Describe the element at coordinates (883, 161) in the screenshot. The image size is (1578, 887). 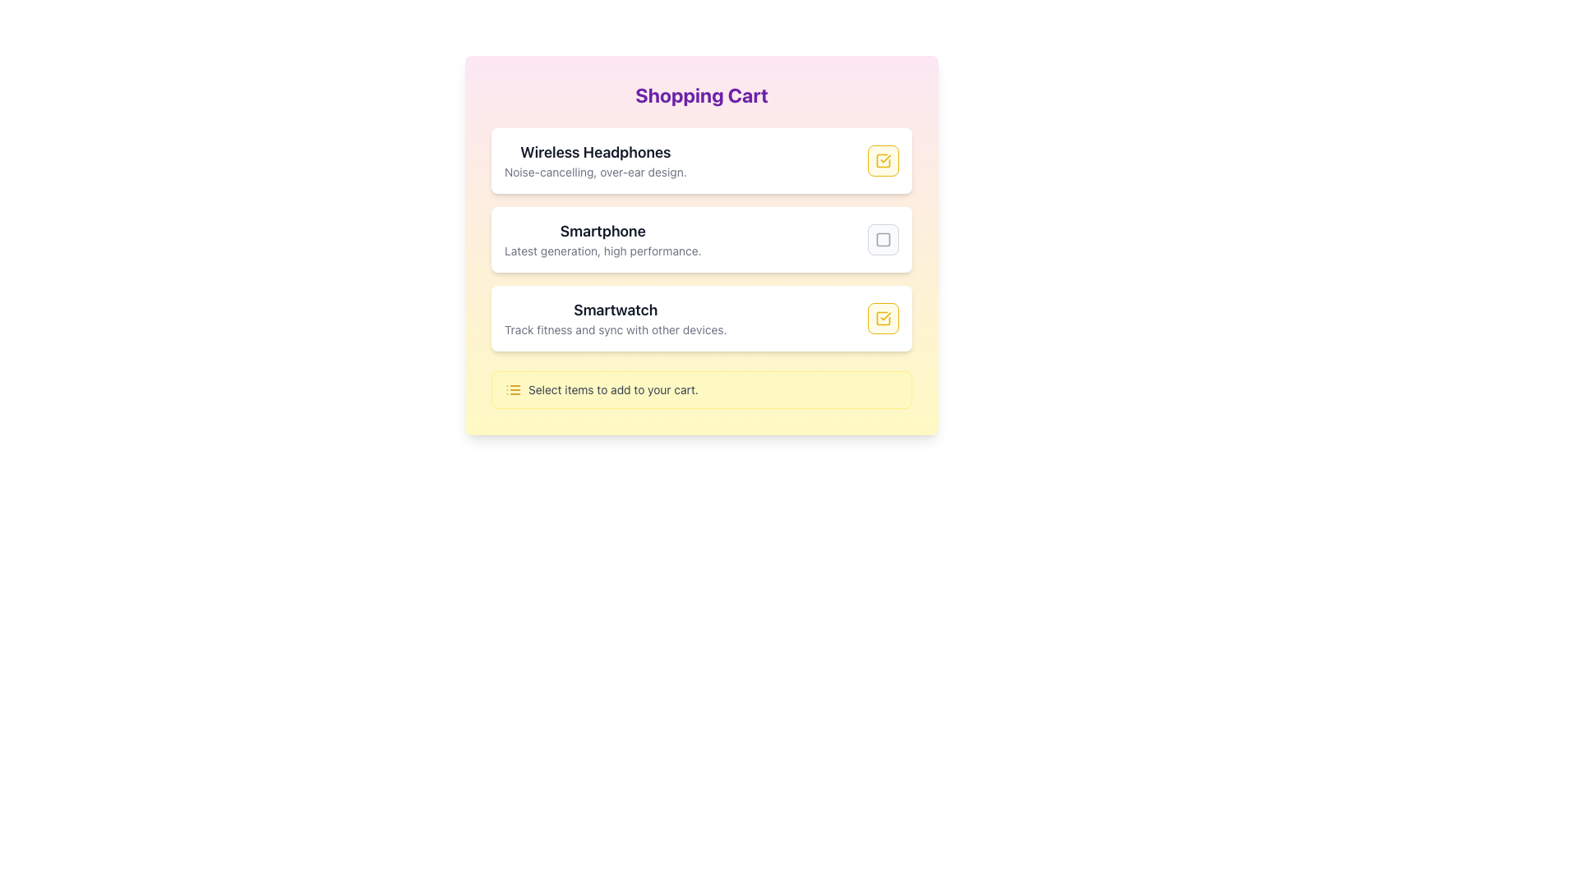
I see `the yellow-colored icon depicting a square with a checkmark inside, located on the right side of the 'Smartwatch' row in the shopping cart interface` at that location.